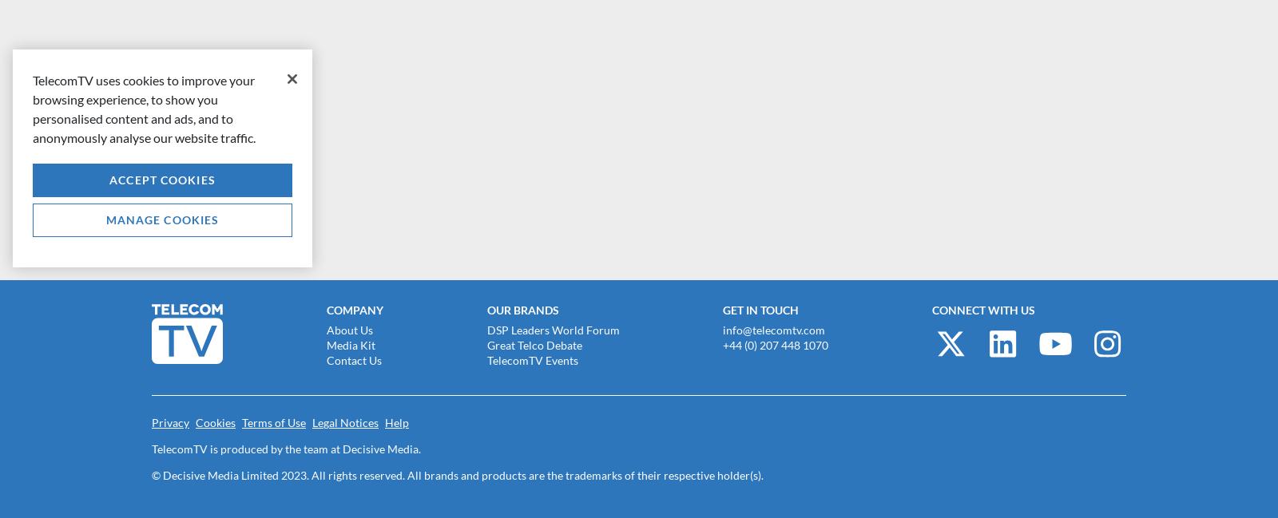 The height and width of the screenshot is (518, 1278). Describe the element at coordinates (170, 421) in the screenshot. I see `'Privacy'` at that location.